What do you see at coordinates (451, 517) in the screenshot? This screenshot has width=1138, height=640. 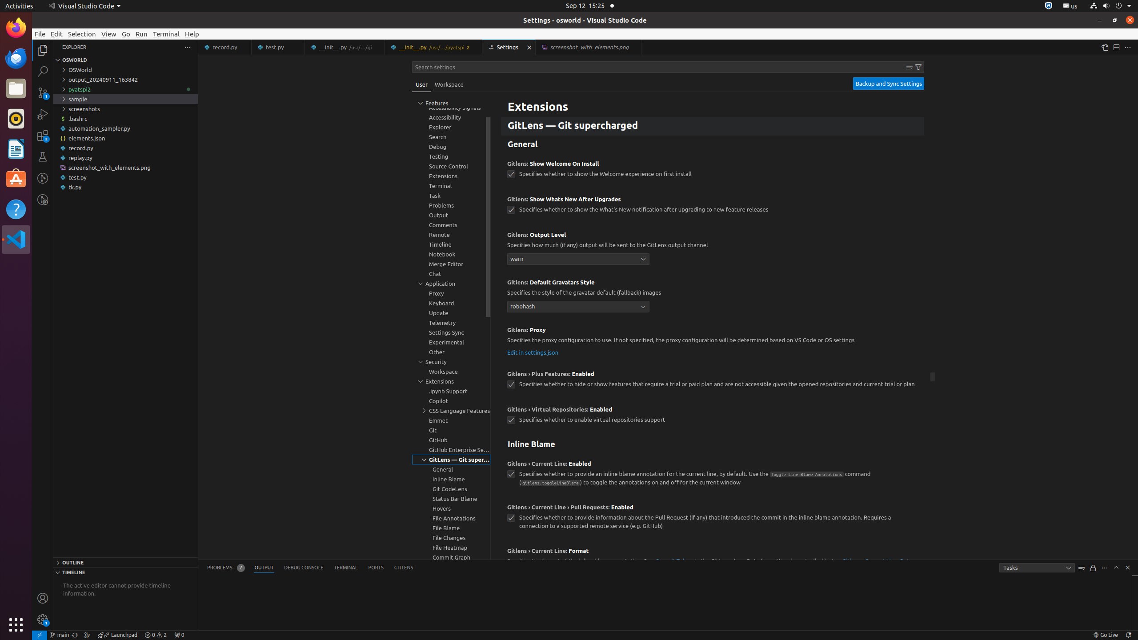 I see `'File Annotations, group'` at bounding box center [451, 517].